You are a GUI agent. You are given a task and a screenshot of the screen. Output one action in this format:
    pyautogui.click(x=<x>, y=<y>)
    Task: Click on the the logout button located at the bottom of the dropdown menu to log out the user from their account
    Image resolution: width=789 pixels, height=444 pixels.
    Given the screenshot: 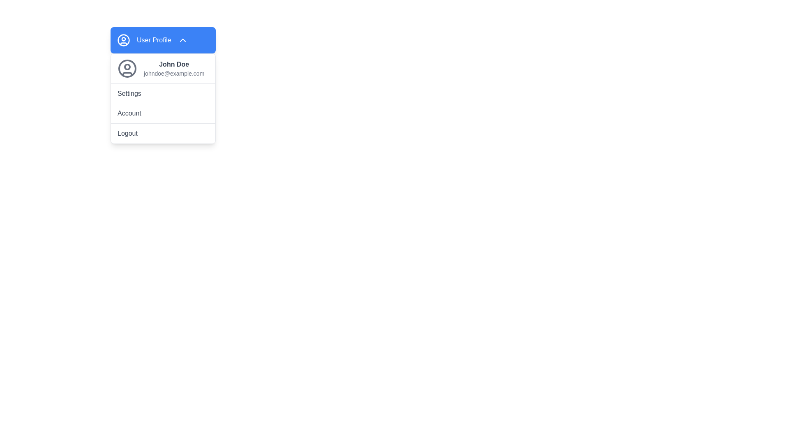 What is the action you would take?
    pyautogui.click(x=163, y=133)
    